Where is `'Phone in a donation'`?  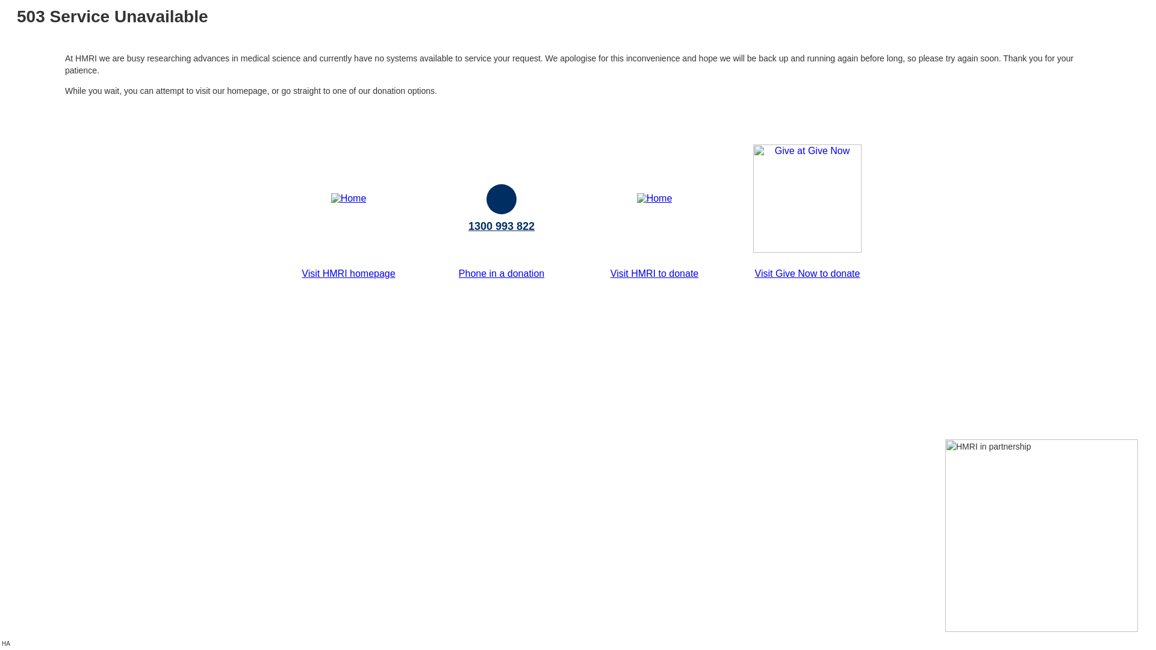
'Phone in a donation' is located at coordinates (502, 273).